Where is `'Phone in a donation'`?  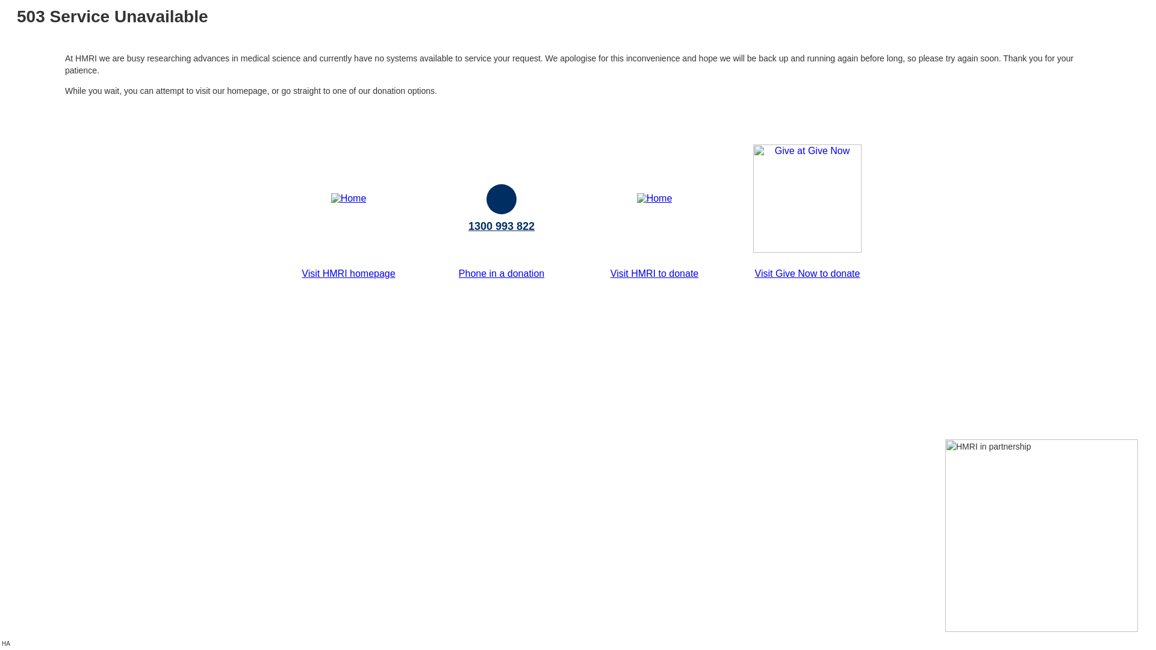
'Phone in a donation' is located at coordinates (502, 273).